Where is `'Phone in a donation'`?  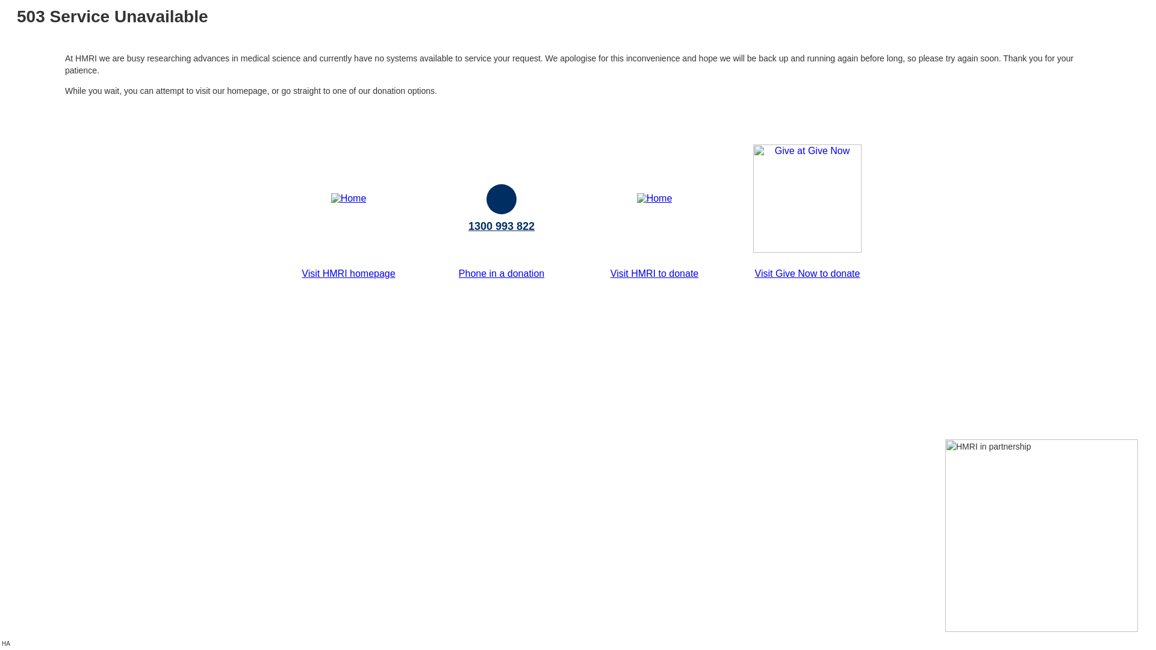
'Phone in a donation' is located at coordinates (502, 273).